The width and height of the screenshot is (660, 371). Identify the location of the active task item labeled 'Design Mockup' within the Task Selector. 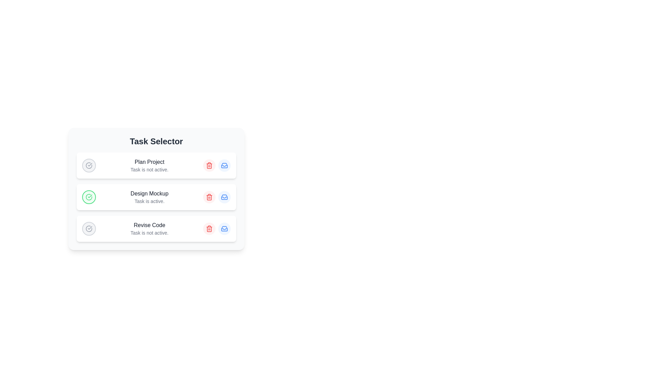
(156, 197).